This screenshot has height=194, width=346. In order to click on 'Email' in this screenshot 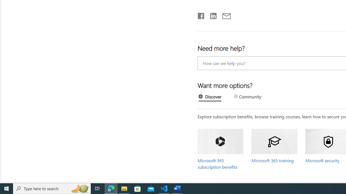, I will do `click(226, 15)`.